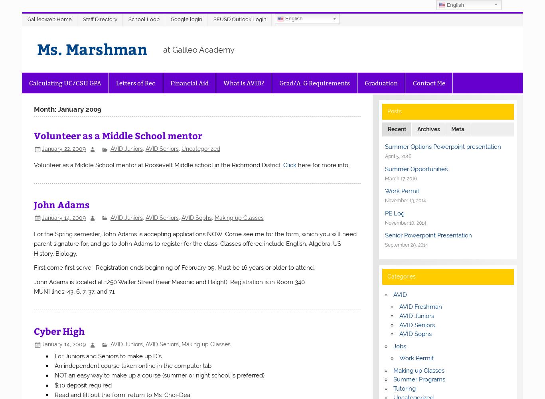  What do you see at coordinates (186, 19) in the screenshot?
I see `'Google login'` at bounding box center [186, 19].